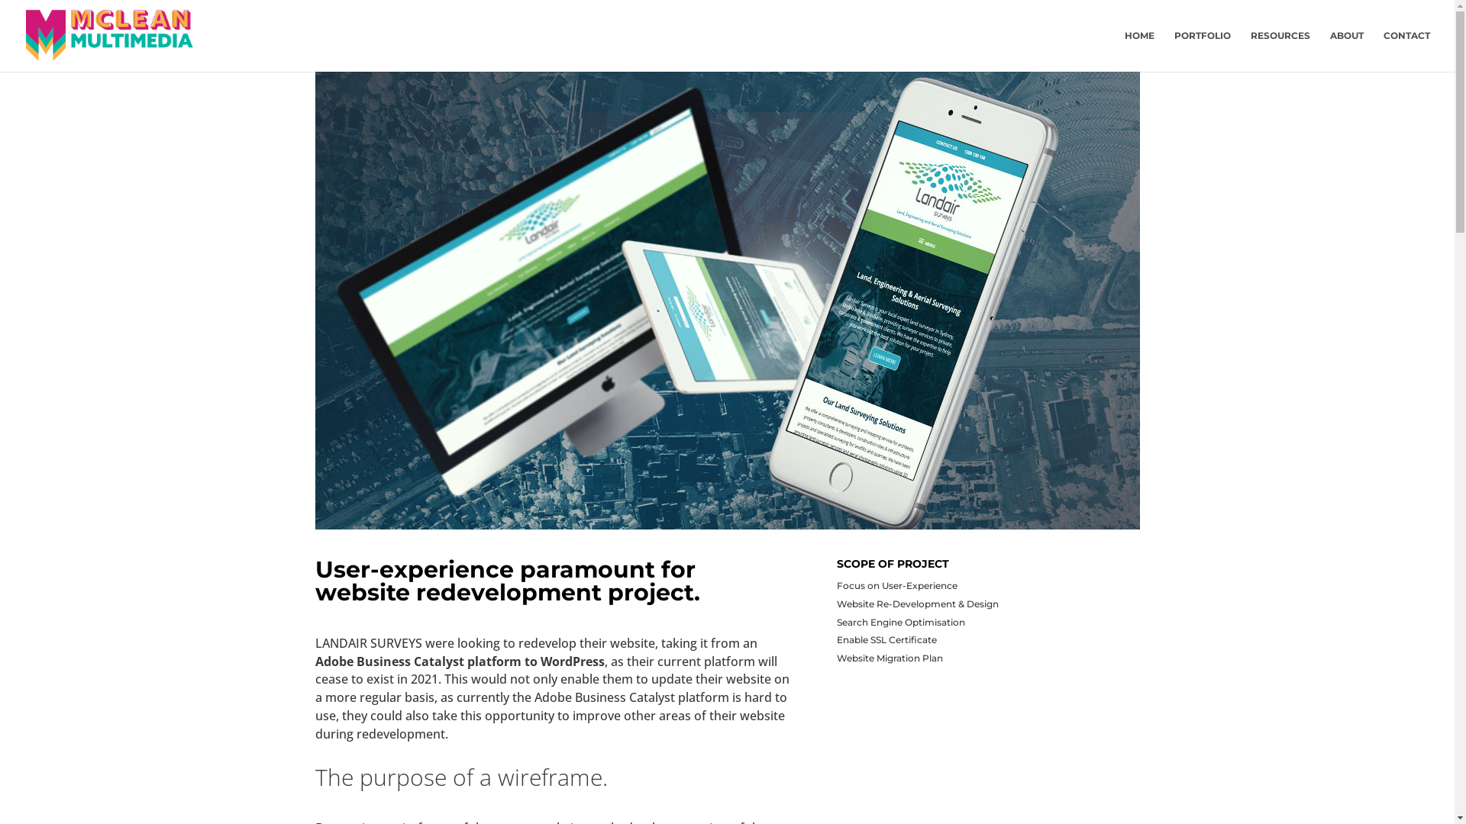 The image size is (1466, 824). Describe the element at coordinates (1383, 50) in the screenshot. I see `'CONTACT'` at that location.